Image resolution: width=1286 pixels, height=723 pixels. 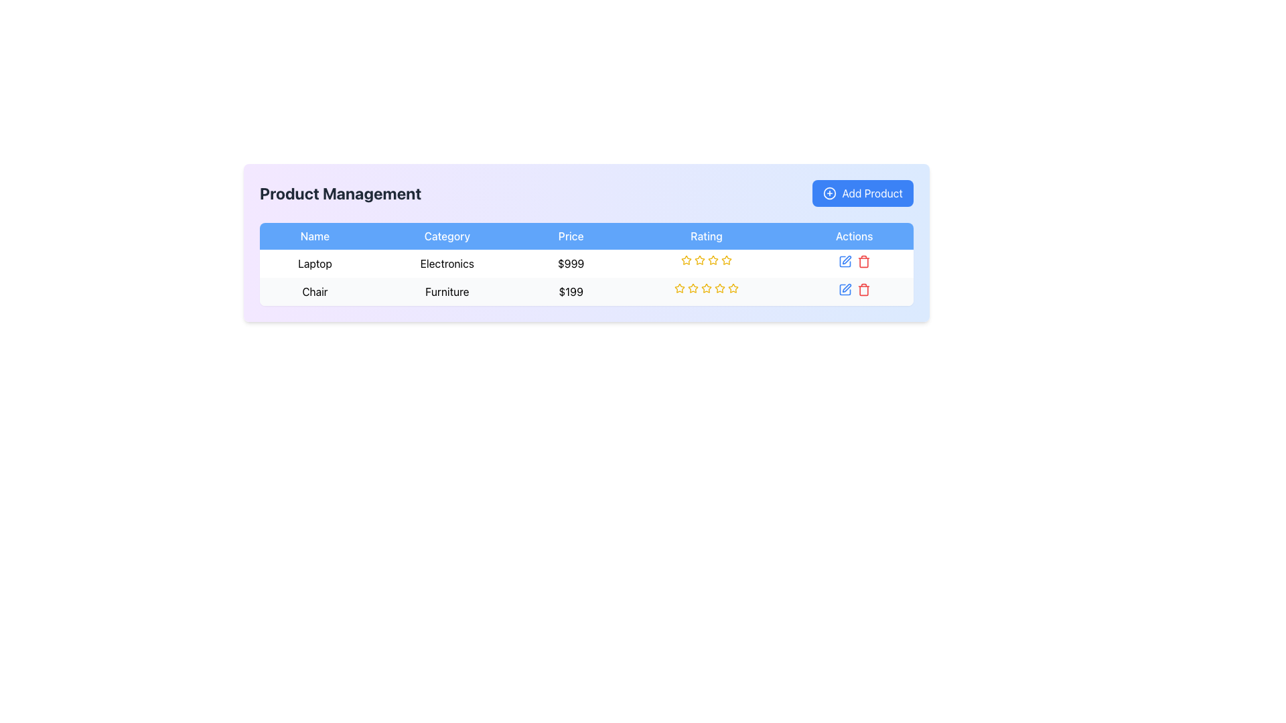 What do you see at coordinates (713, 260) in the screenshot?
I see `the fifth star icon in the fourth row of the rating section under the Ratings header to rate the item` at bounding box center [713, 260].